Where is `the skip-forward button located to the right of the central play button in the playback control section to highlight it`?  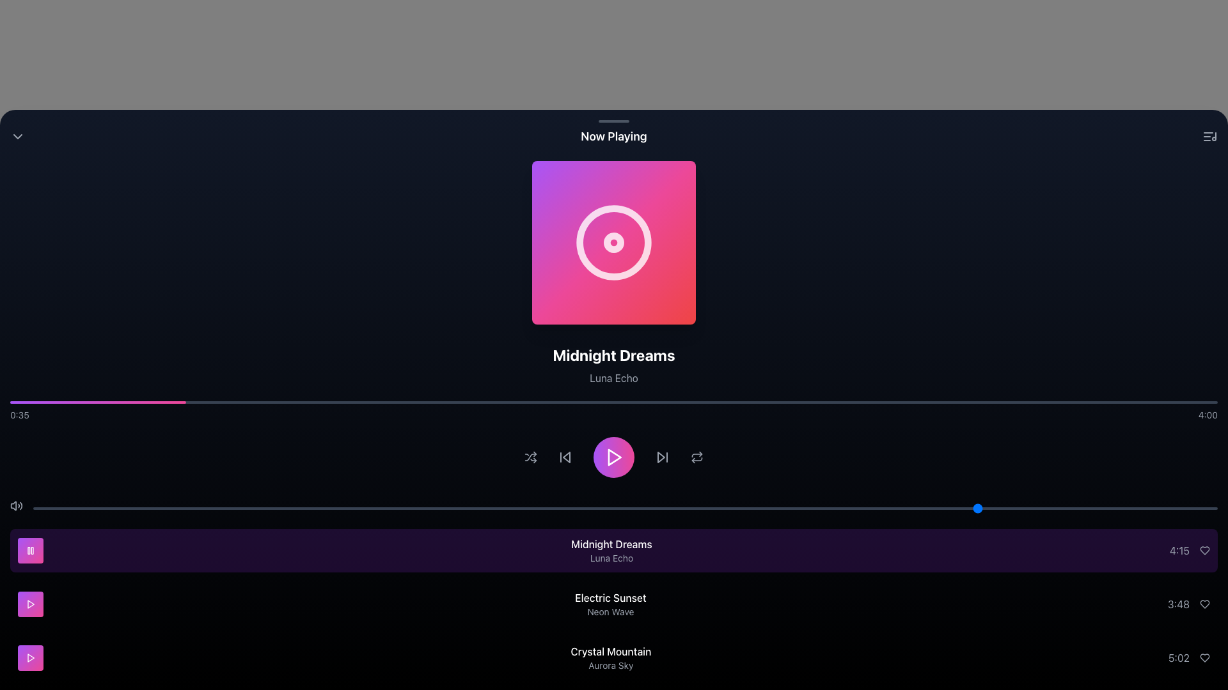
the skip-forward button located to the right of the central play button in the playback control section to highlight it is located at coordinates (661, 457).